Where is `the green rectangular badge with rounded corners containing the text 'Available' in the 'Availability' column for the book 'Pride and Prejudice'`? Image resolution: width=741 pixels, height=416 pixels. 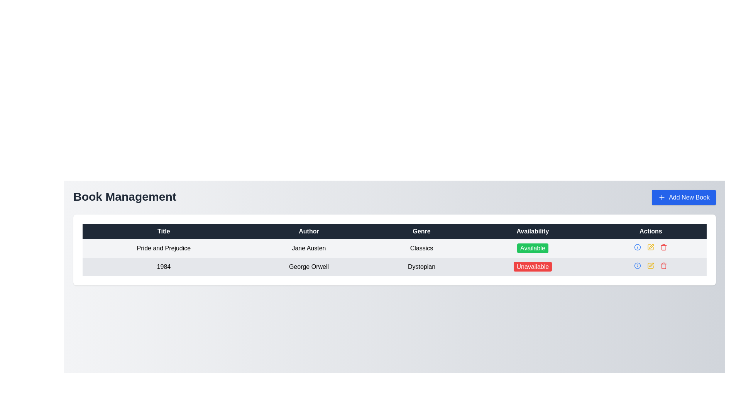 the green rectangular badge with rounded corners containing the text 'Available' in the 'Availability' column for the book 'Pride and Prejudice' is located at coordinates (532, 248).